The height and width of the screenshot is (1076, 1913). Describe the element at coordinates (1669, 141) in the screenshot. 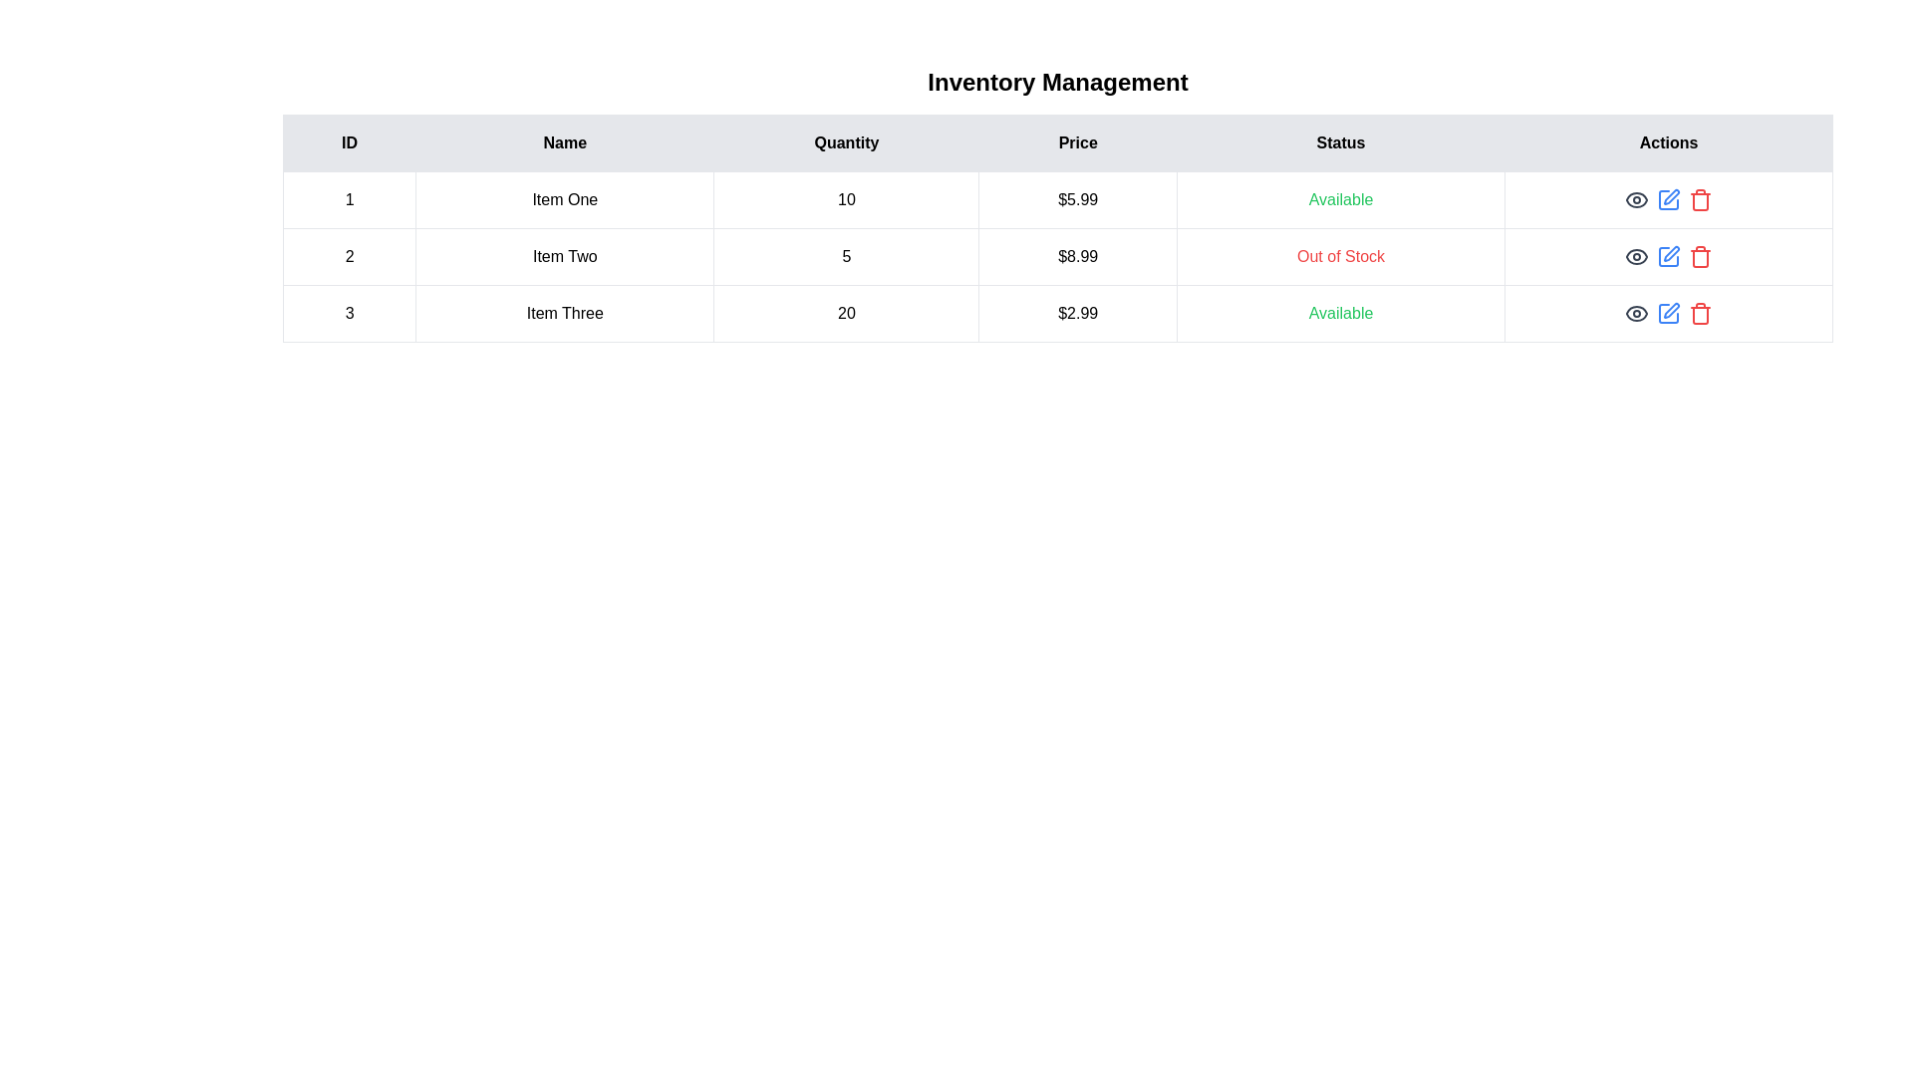

I see `the column header labeled Actions to sort the table by that column` at that location.